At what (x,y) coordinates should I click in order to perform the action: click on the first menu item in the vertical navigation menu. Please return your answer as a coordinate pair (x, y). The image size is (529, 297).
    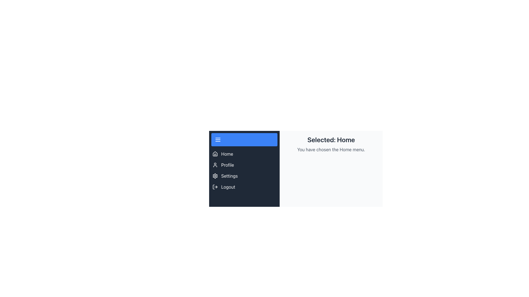
    Looking at the image, I should click on (244, 154).